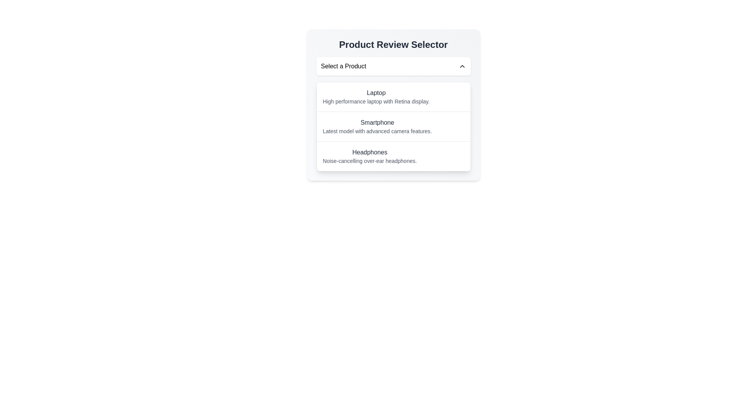  I want to click on the 'Smartphone' option in the Product Review Selector list, which is the second item between 'Laptop' and 'Headphones', so click(393, 126).